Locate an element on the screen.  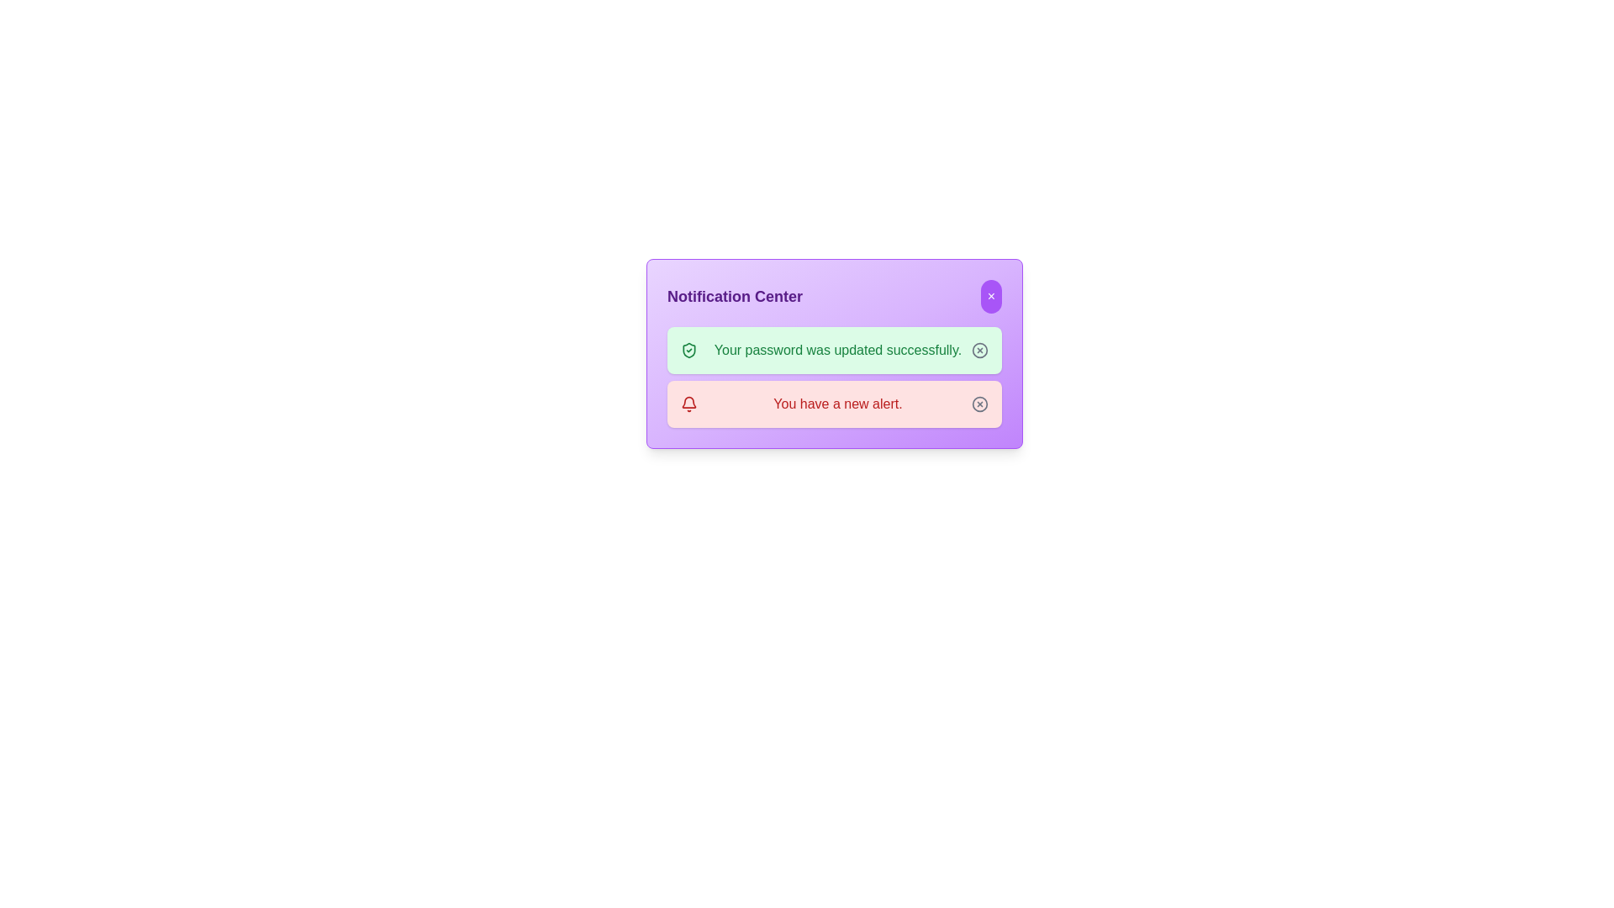
the functionality associated with the green notification indicating a successful password update by clicking on the shield icon located to the left of the notification text is located at coordinates (689, 349).